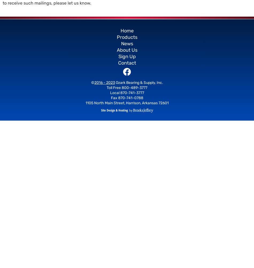  I want to click on 'News', so click(126, 44).